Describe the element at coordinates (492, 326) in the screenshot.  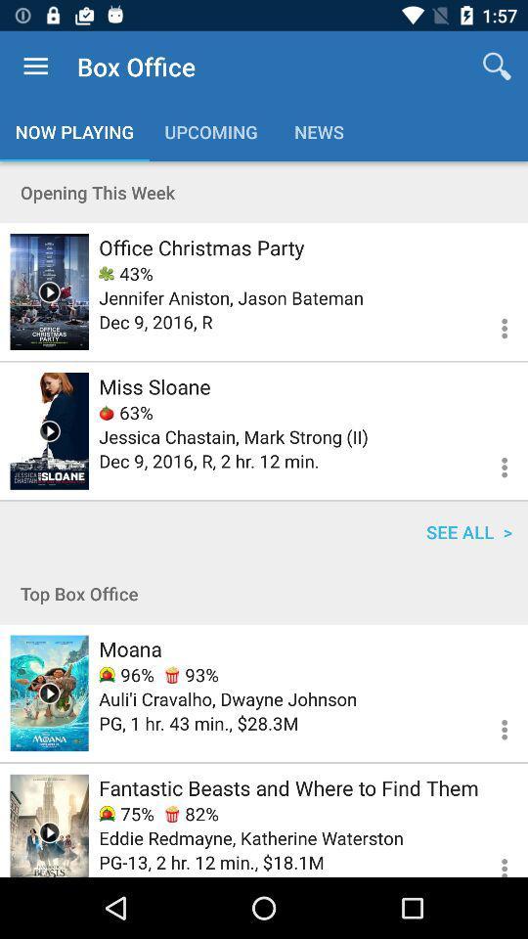
I see `see more information about the option` at that location.